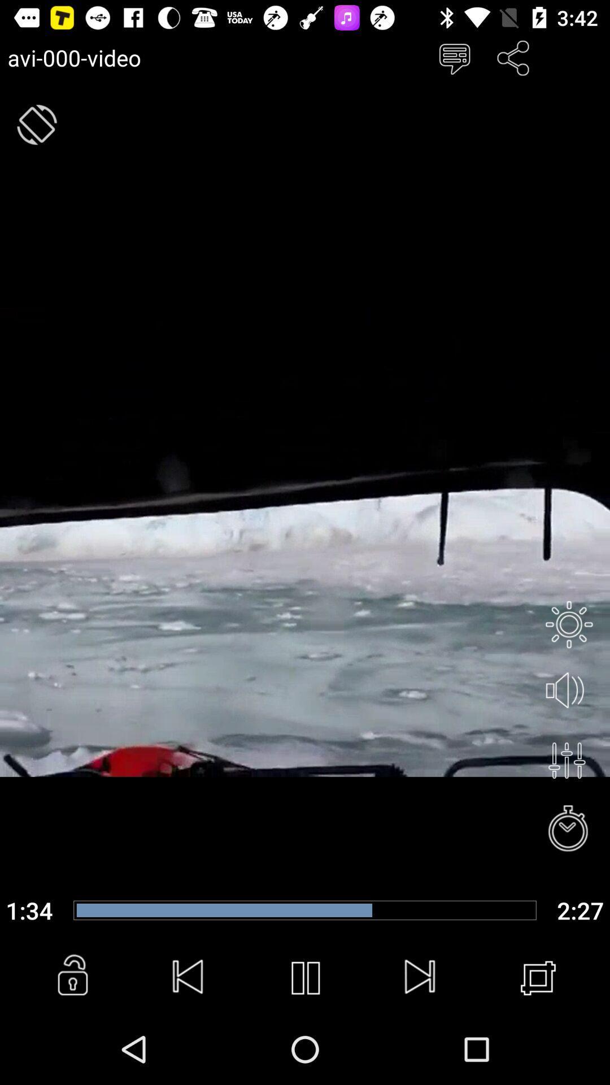 The height and width of the screenshot is (1085, 610). Describe the element at coordinates (72, 978) in the screenshot. I see `lock` at that location.